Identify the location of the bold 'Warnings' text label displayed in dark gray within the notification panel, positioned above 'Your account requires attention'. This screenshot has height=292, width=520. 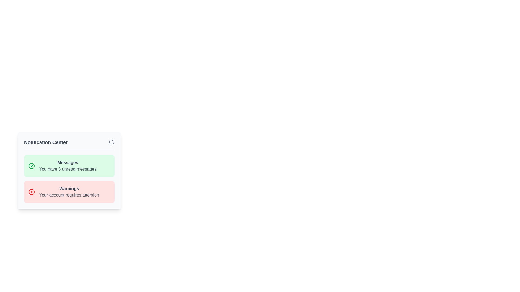
(69, 188).